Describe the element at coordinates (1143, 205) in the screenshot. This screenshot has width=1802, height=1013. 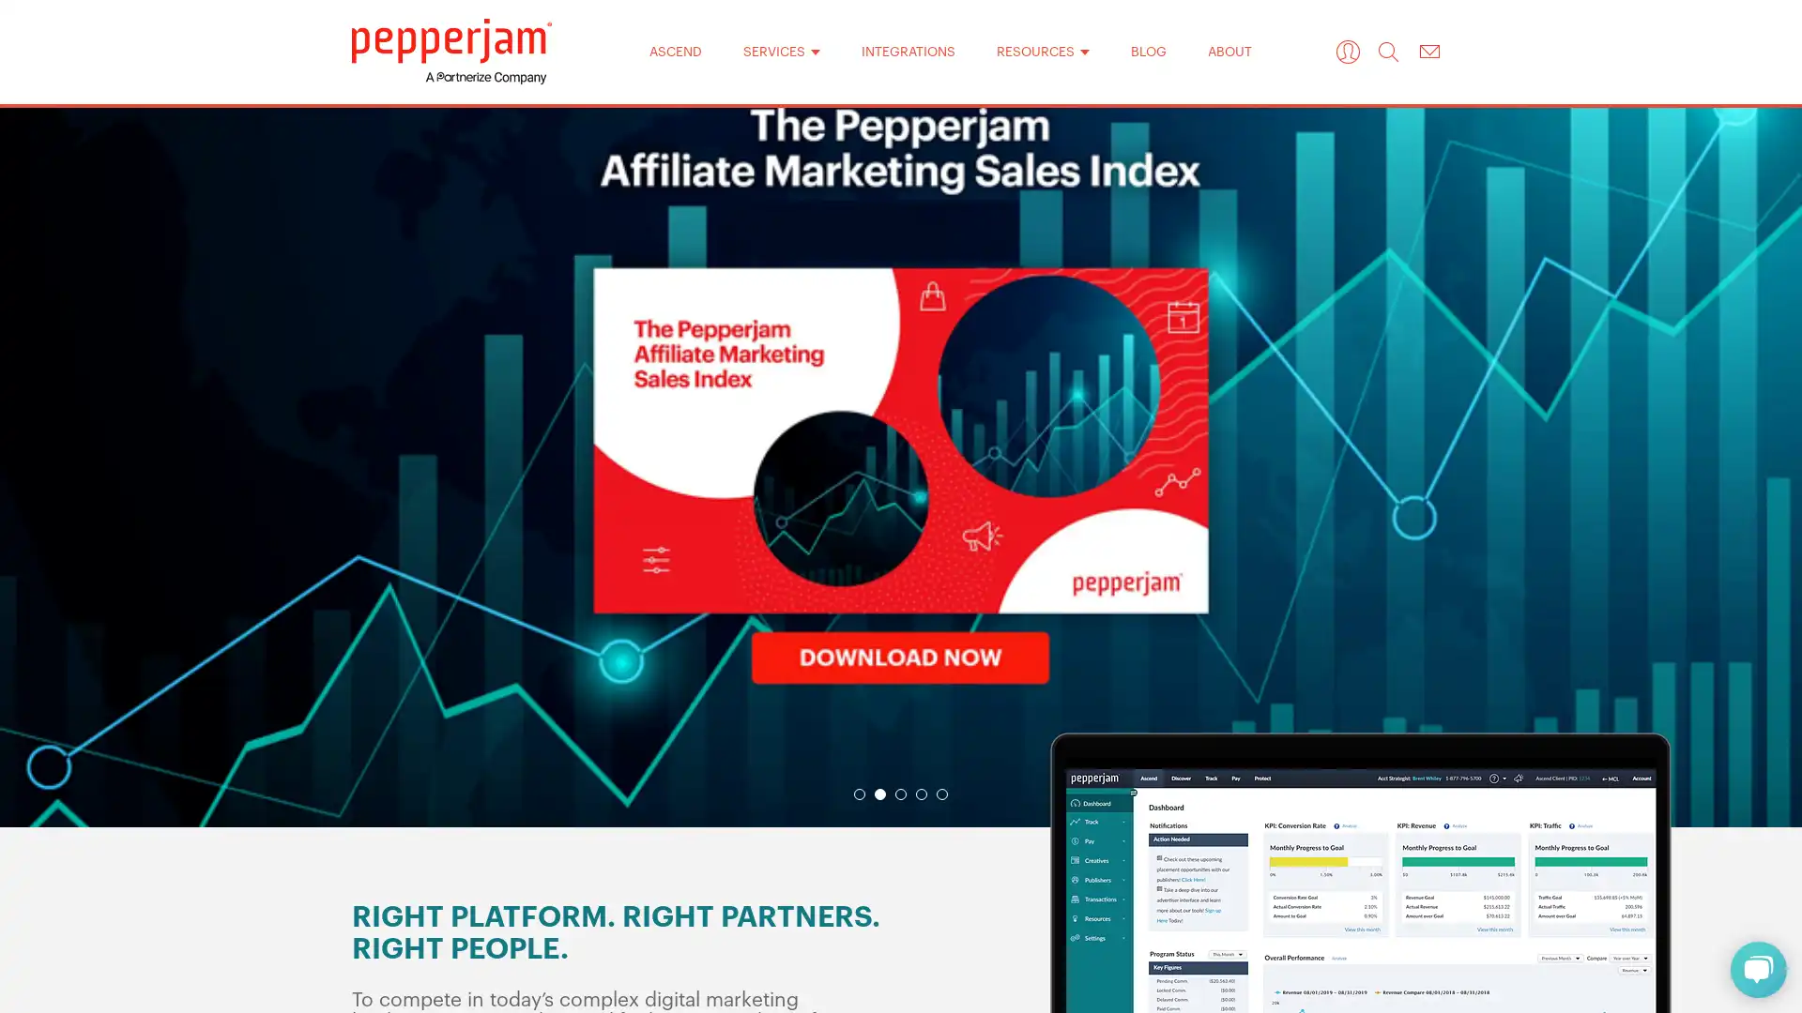
I see `Close` at that location.